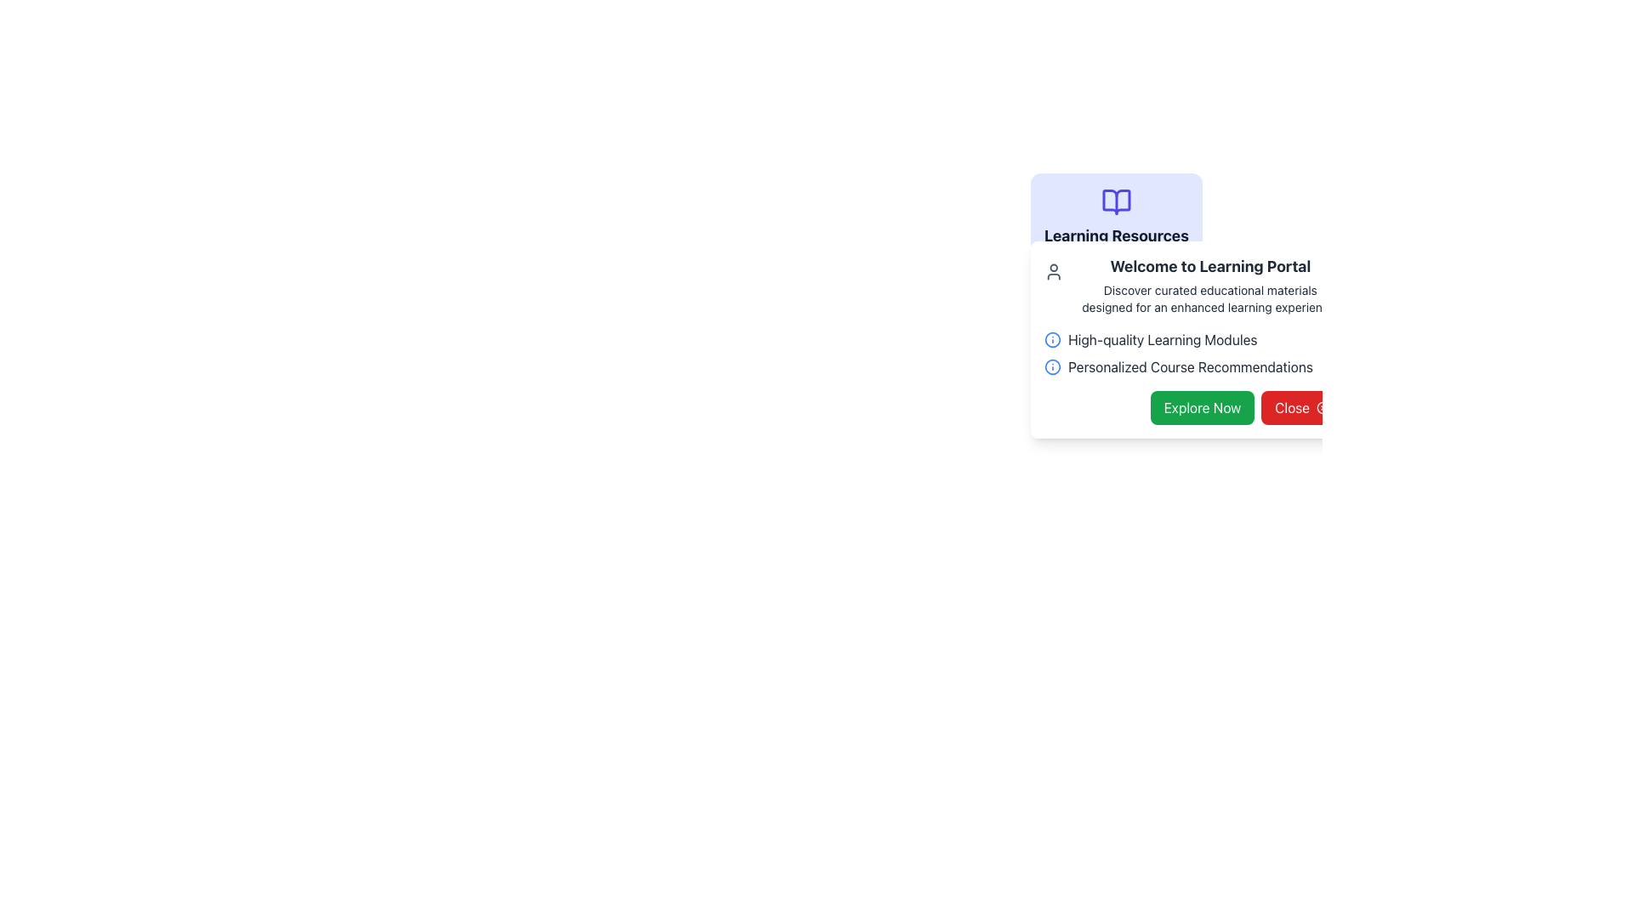  Describe the element at coordinates (1193, 353) in the screenshot. I see `the text-based informational list that describes 'High-quality Learning Modules' and 'Personalized Course Recommendations', located in the middle of the white, rounded-corner card overlay below the heading 'Welcome to Learning Portal'` at that location.